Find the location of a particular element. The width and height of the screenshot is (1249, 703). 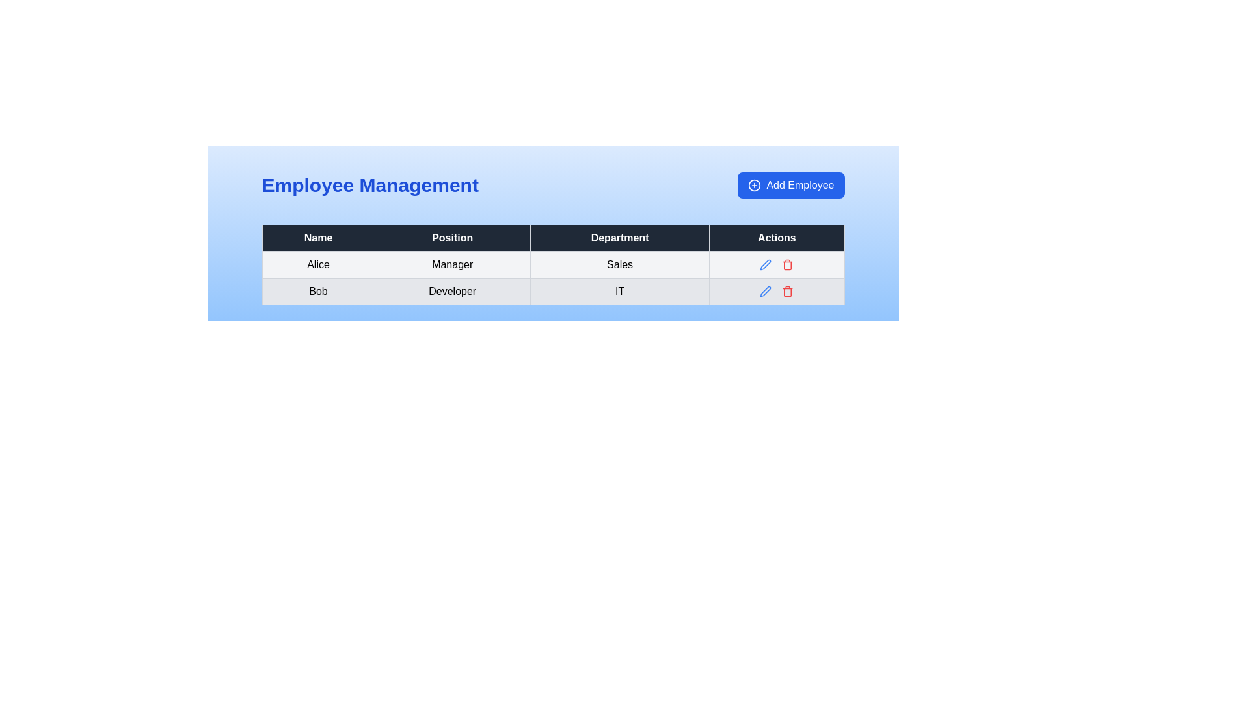

the 'Department' label in the table header, which is the third item from the left in a row of four elements, located between 'Position' and 'Actions' is located at coordinates (619, 238).